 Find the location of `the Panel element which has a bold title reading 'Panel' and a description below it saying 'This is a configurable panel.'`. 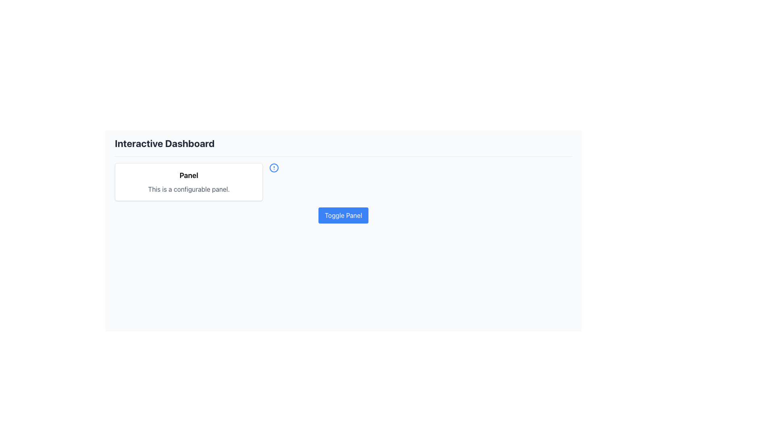

the Panel element which has a bold title reading 'Panel' and a description below it saying 'This is a configurable panel.' is located at coordinates (188, 182).